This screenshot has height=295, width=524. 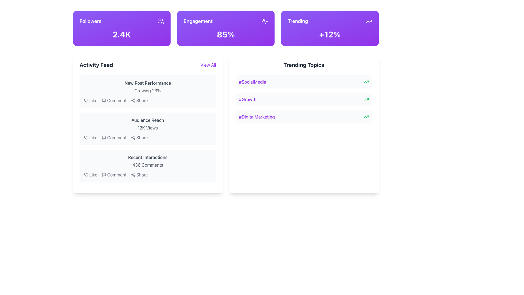 I want to click on the 'Activity Feed' text label, which is styled in bold, large font and dark gray color, located in the upper left corner of the content section, so click(x=96, y=65).